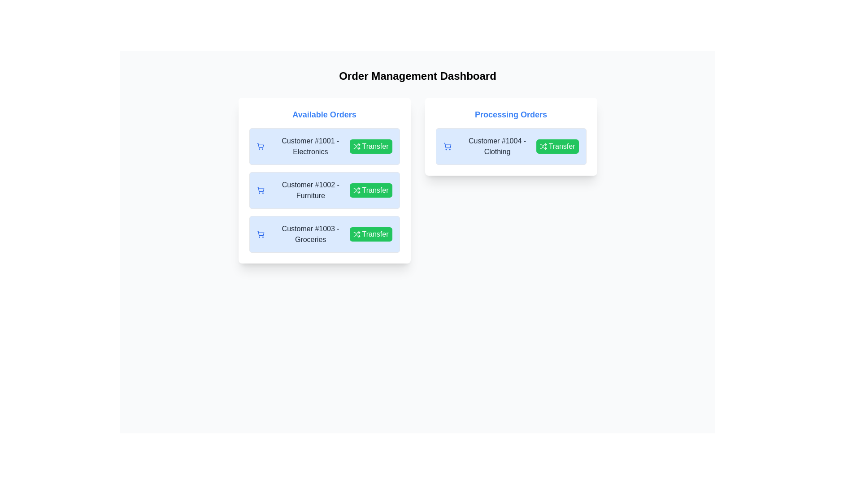  Describe the element at coordinates (260, 234) in the screenshot. I see `the shopping cart icon` at that location.